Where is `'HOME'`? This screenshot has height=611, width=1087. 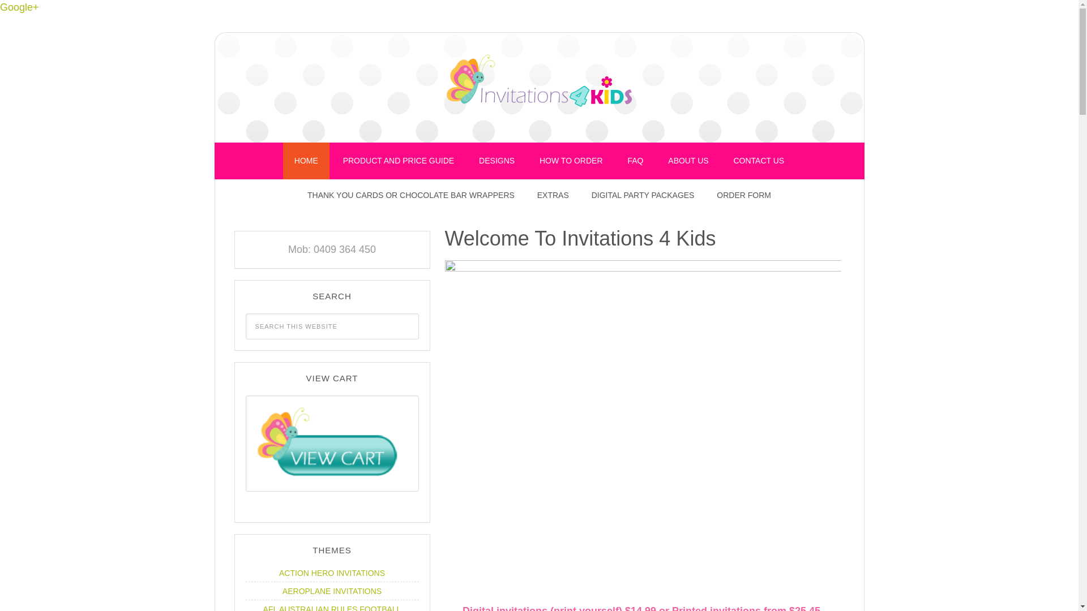 'HOME' is located at coordinates (306, 161).